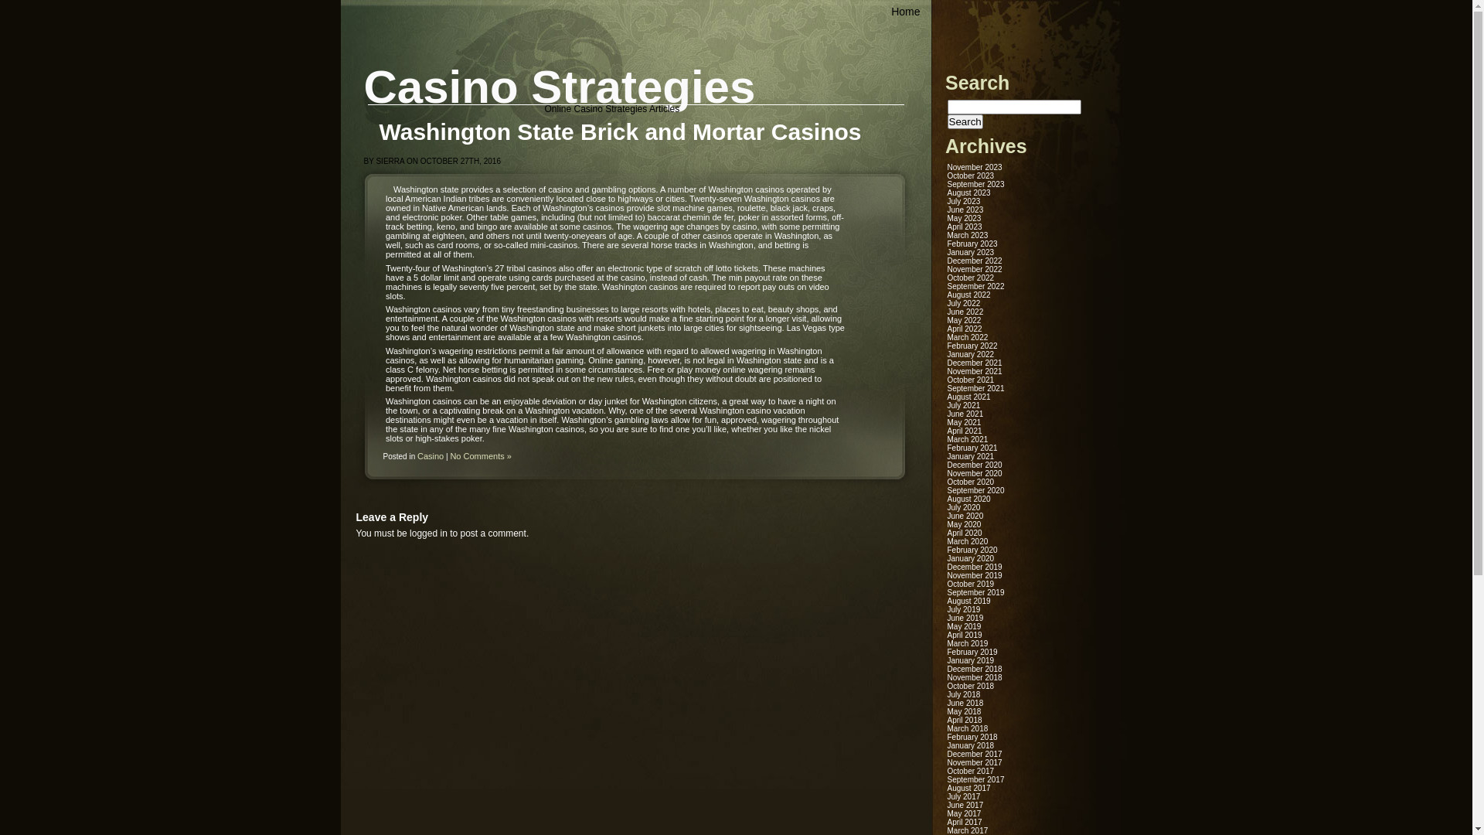  I want to click on 'November 2022', so click(946, 268).